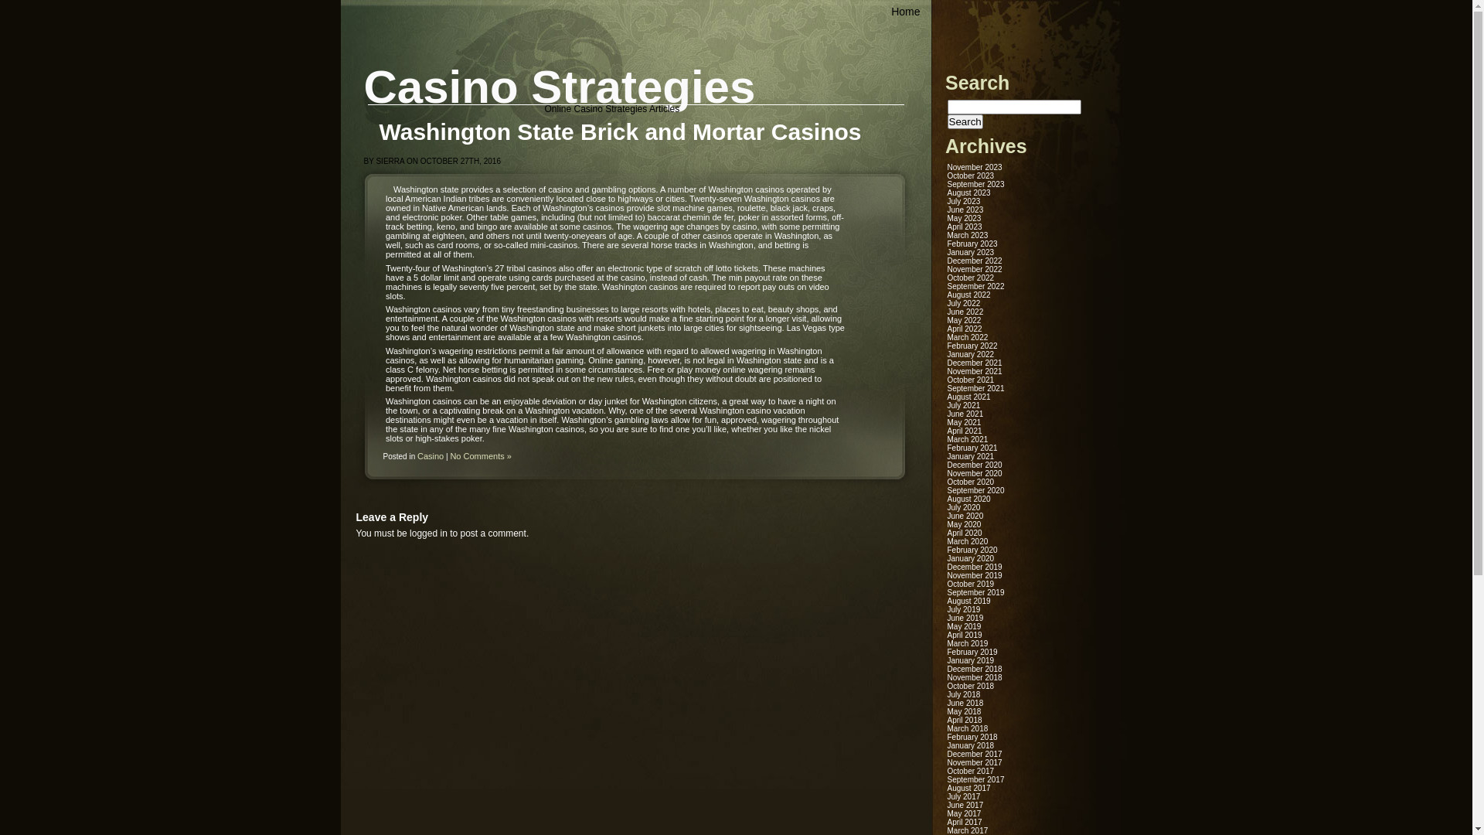  I want to click on 'November 2022', so click(946, 268).